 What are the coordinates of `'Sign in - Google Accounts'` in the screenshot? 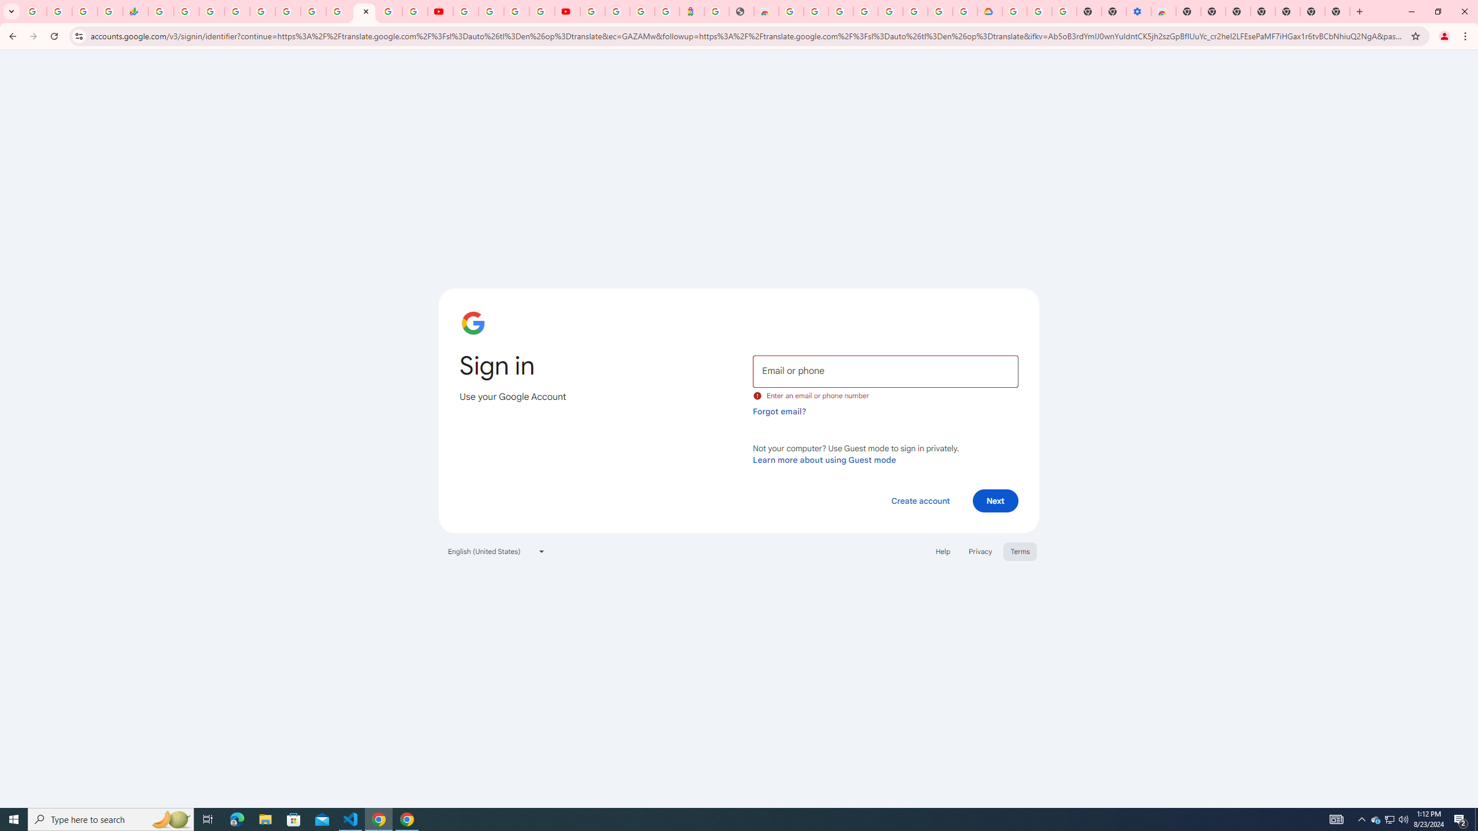 It's located at (364, 11).